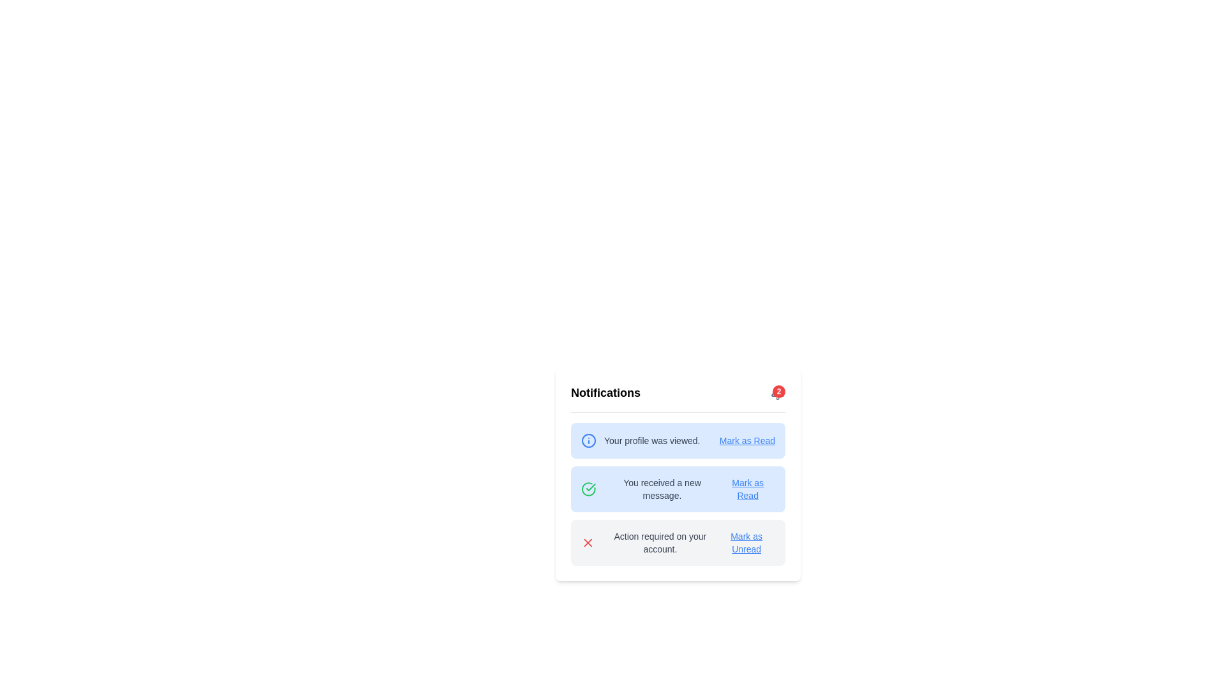 The width and height of the screenshot is (1225, 689). What do you see at coordinates (747, 440) in the screenshot?
I see `the interactive text link to mark the associated notification card as read, located at the far right of the first notification card next to the message 'Your profile was viewed.'` at bounding box center [747, 440].